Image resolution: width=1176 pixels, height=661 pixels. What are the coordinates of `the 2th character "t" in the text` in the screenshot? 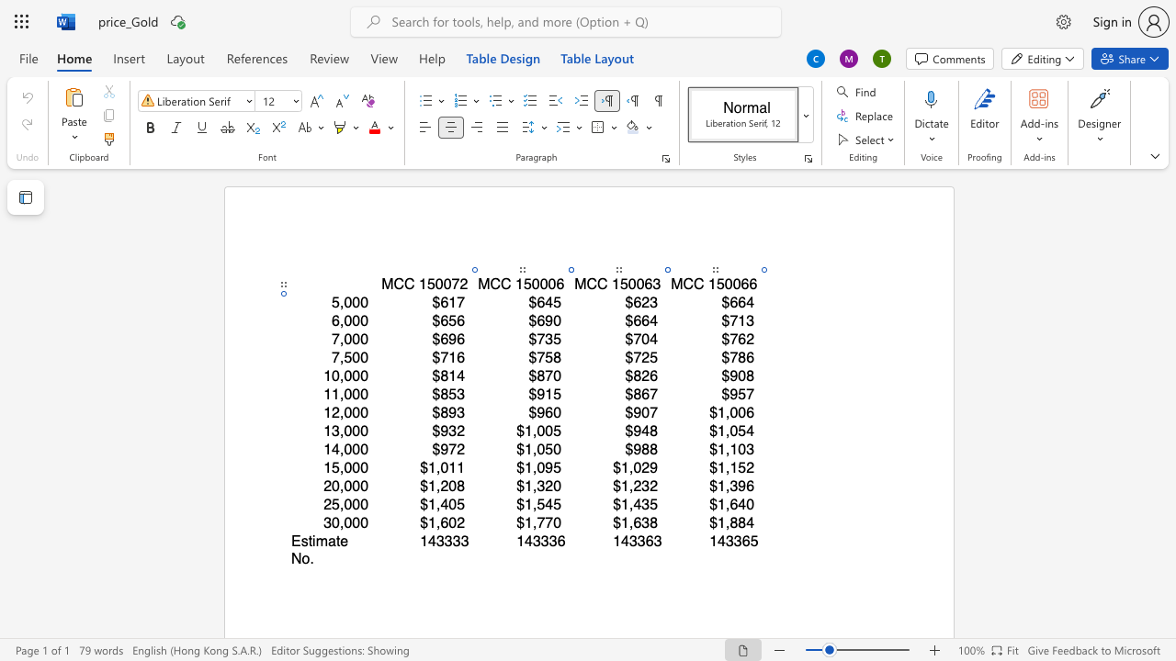 It's located at (338, 540).